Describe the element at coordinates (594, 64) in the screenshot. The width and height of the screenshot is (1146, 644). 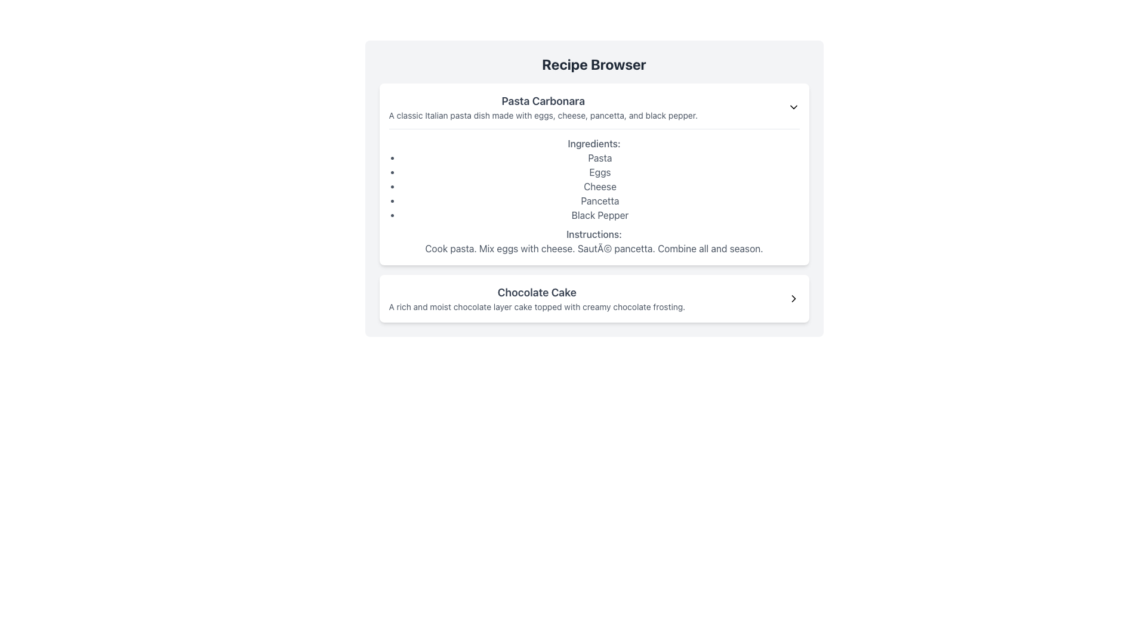
I see `text content of the centered heading displaying 'Recipe Browser' in bold and large dark gray font` at that location.